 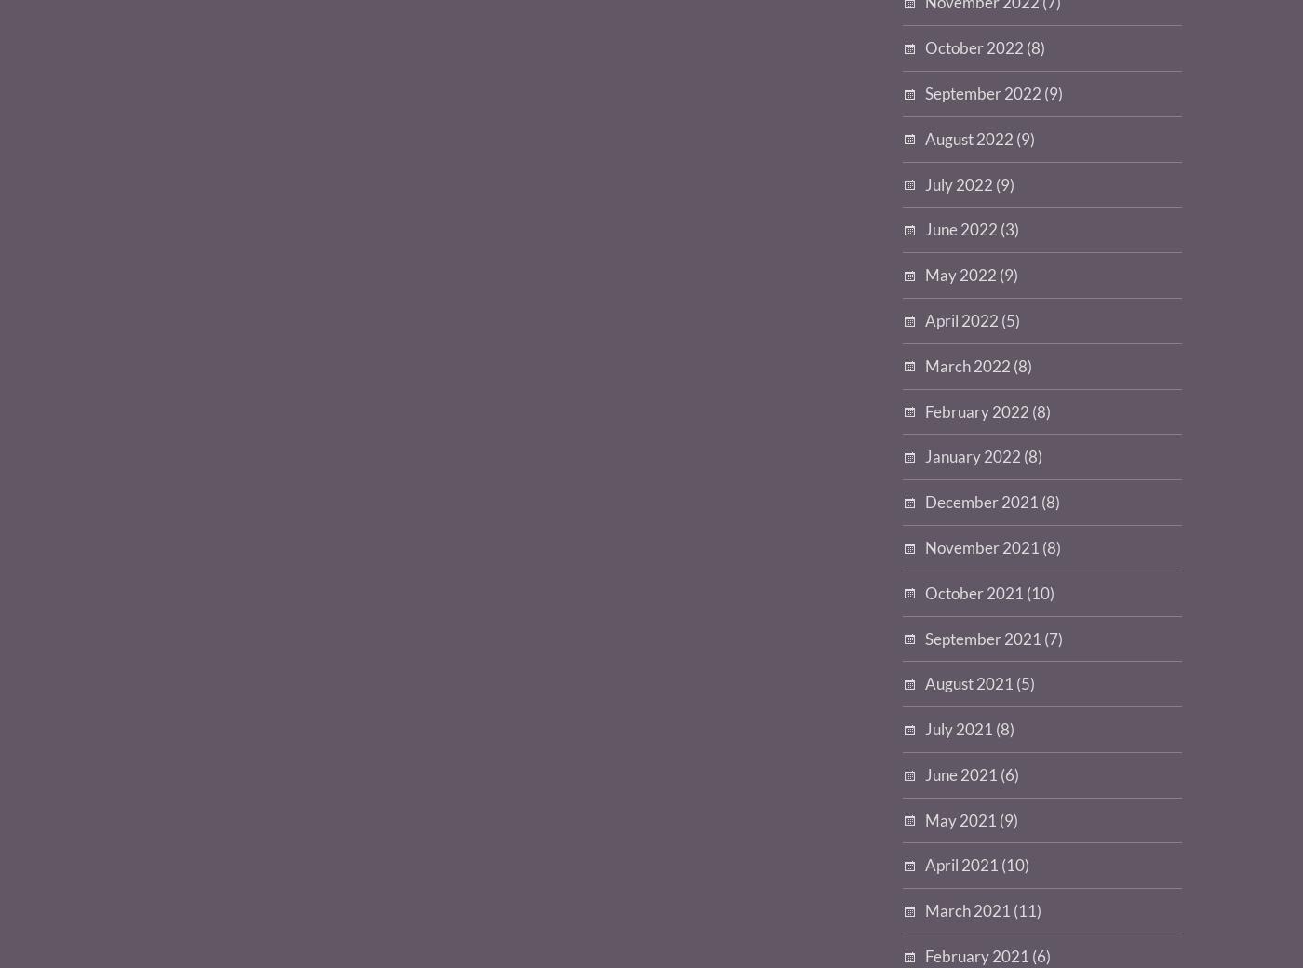 I want to click on 'March 2021', so click(x=968, y=910).